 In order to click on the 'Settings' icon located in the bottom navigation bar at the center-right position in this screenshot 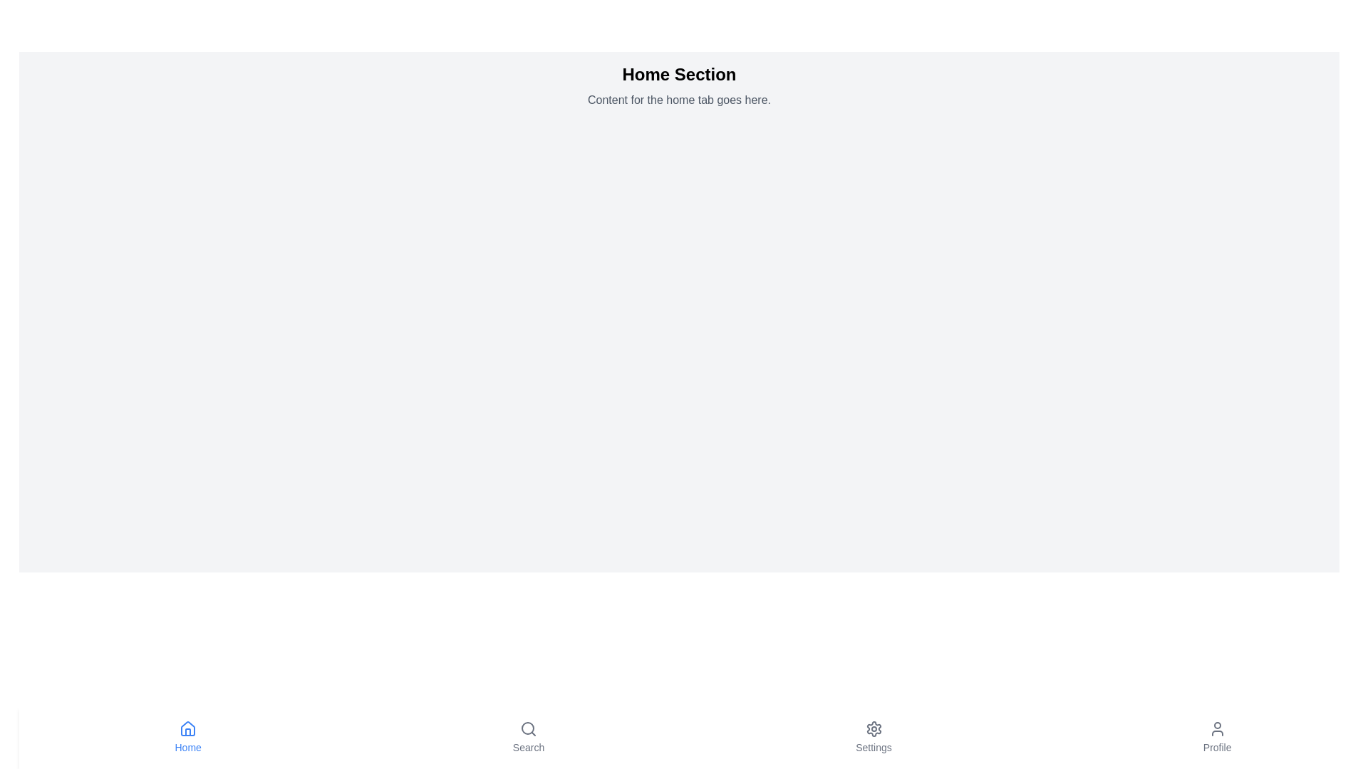, I will do `click(873, 728)`.